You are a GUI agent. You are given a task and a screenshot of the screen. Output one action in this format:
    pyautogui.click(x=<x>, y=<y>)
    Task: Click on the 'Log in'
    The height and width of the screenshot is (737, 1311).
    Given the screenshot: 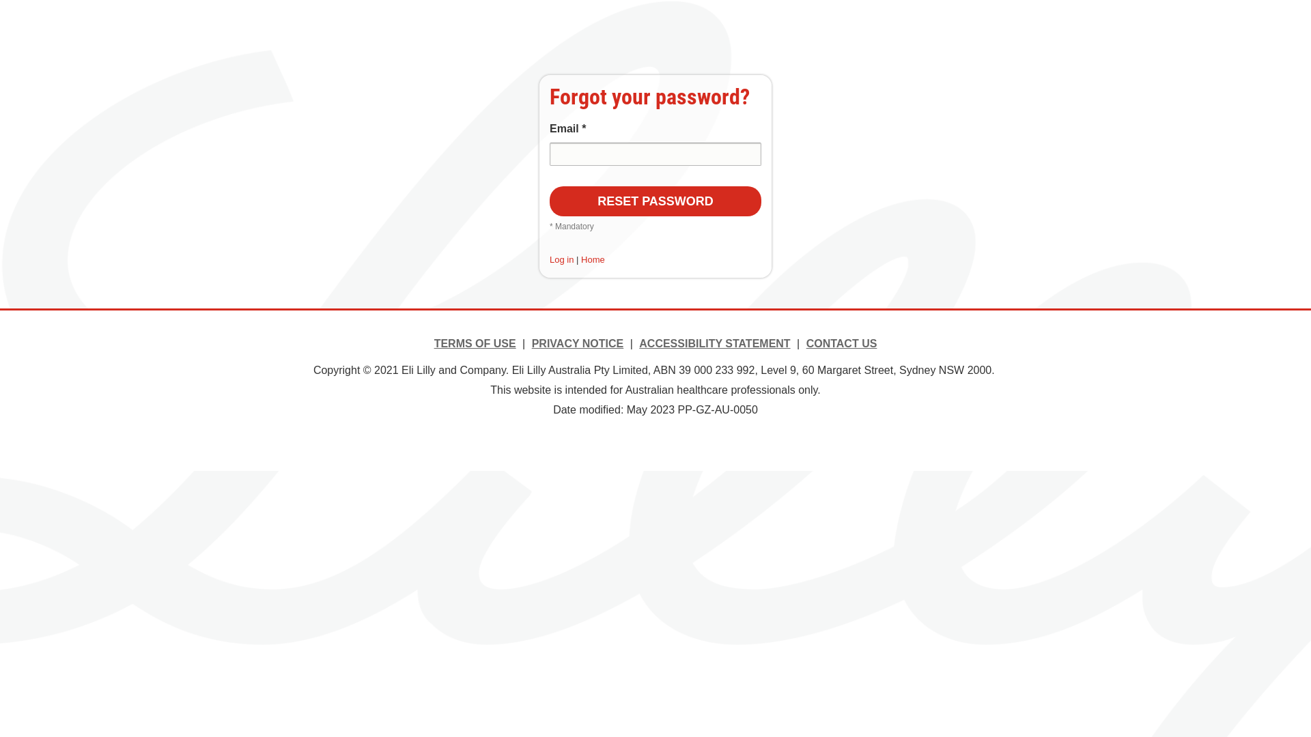 What is the action you would take?
    pyautogui.click(x=561, y=259)
    